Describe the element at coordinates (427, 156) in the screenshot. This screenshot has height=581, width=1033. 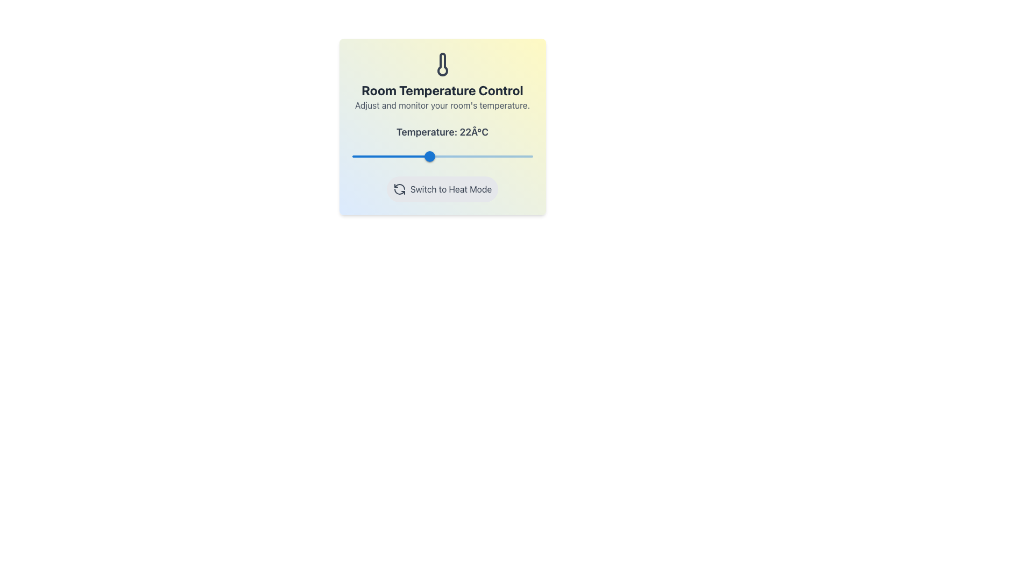
I see `the temperature` at that location.